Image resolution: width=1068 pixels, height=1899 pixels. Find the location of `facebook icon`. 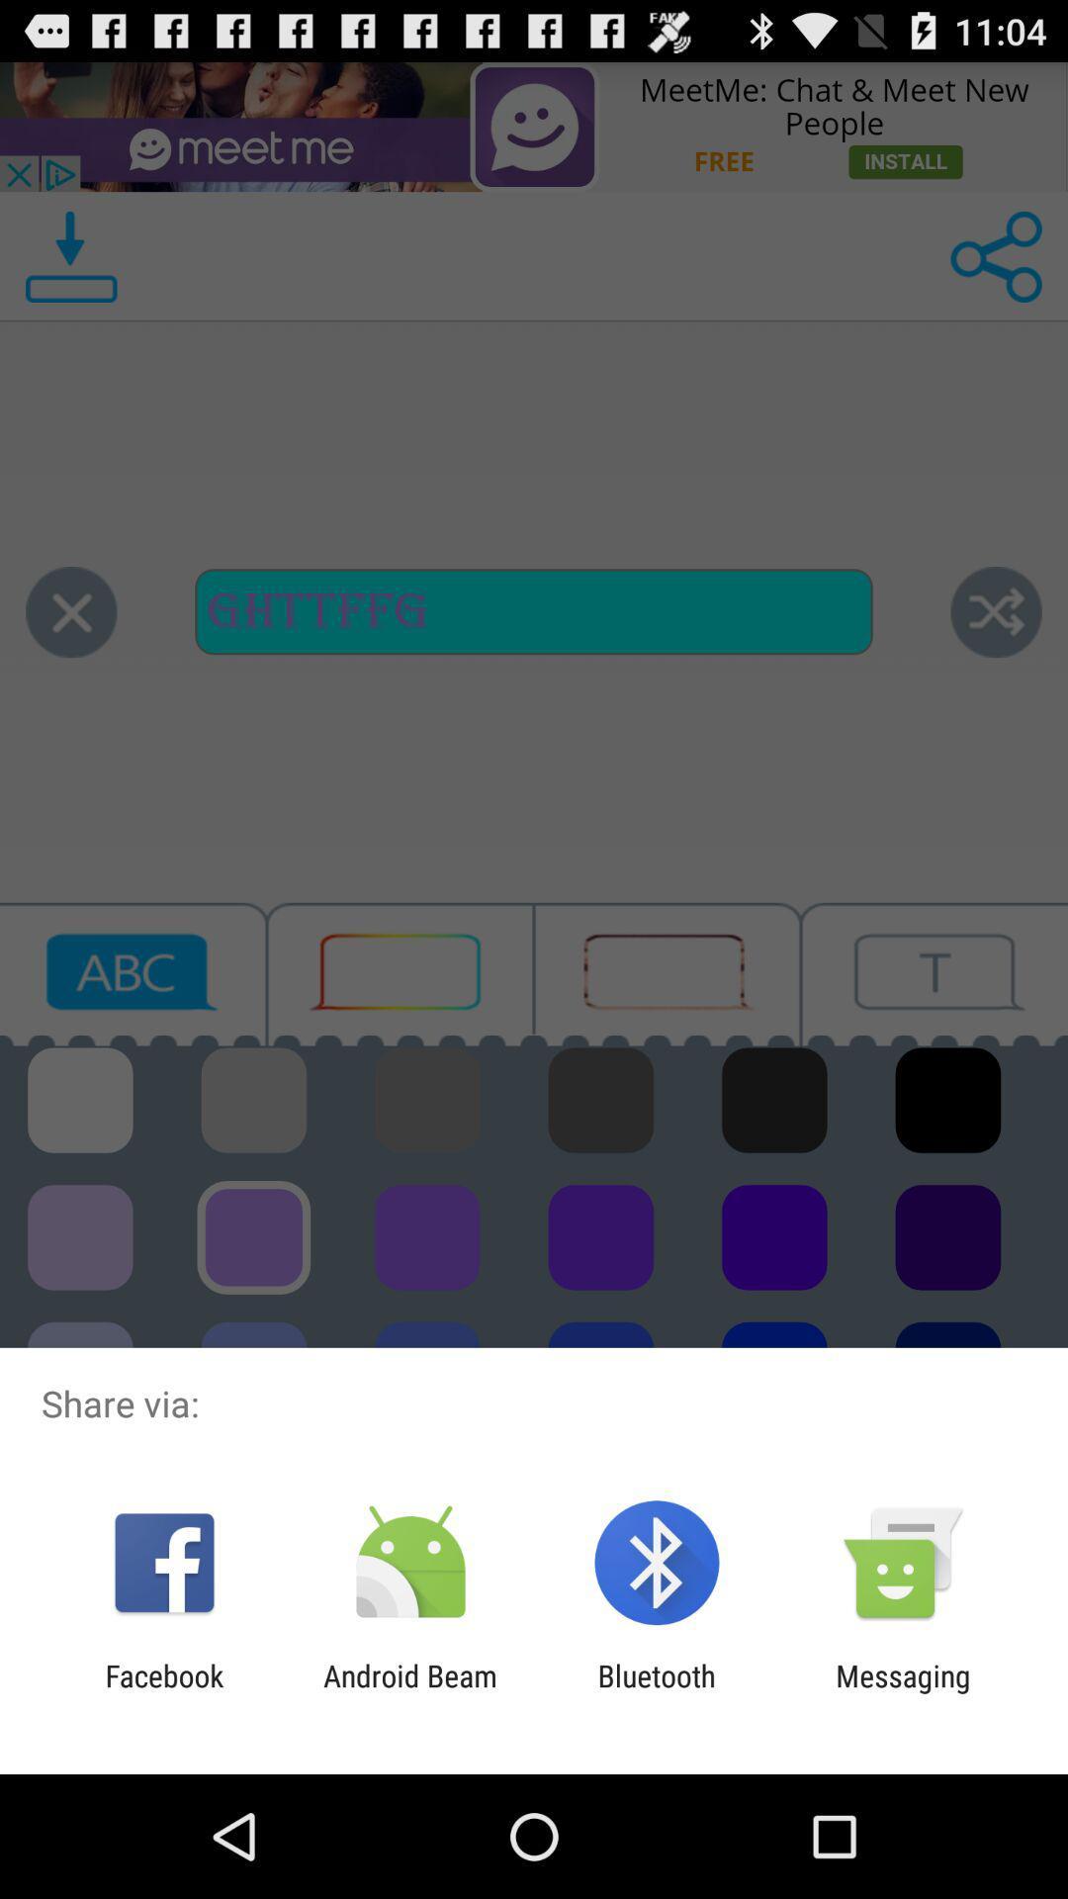

facebook icon is located at coordinates (163, 1692).